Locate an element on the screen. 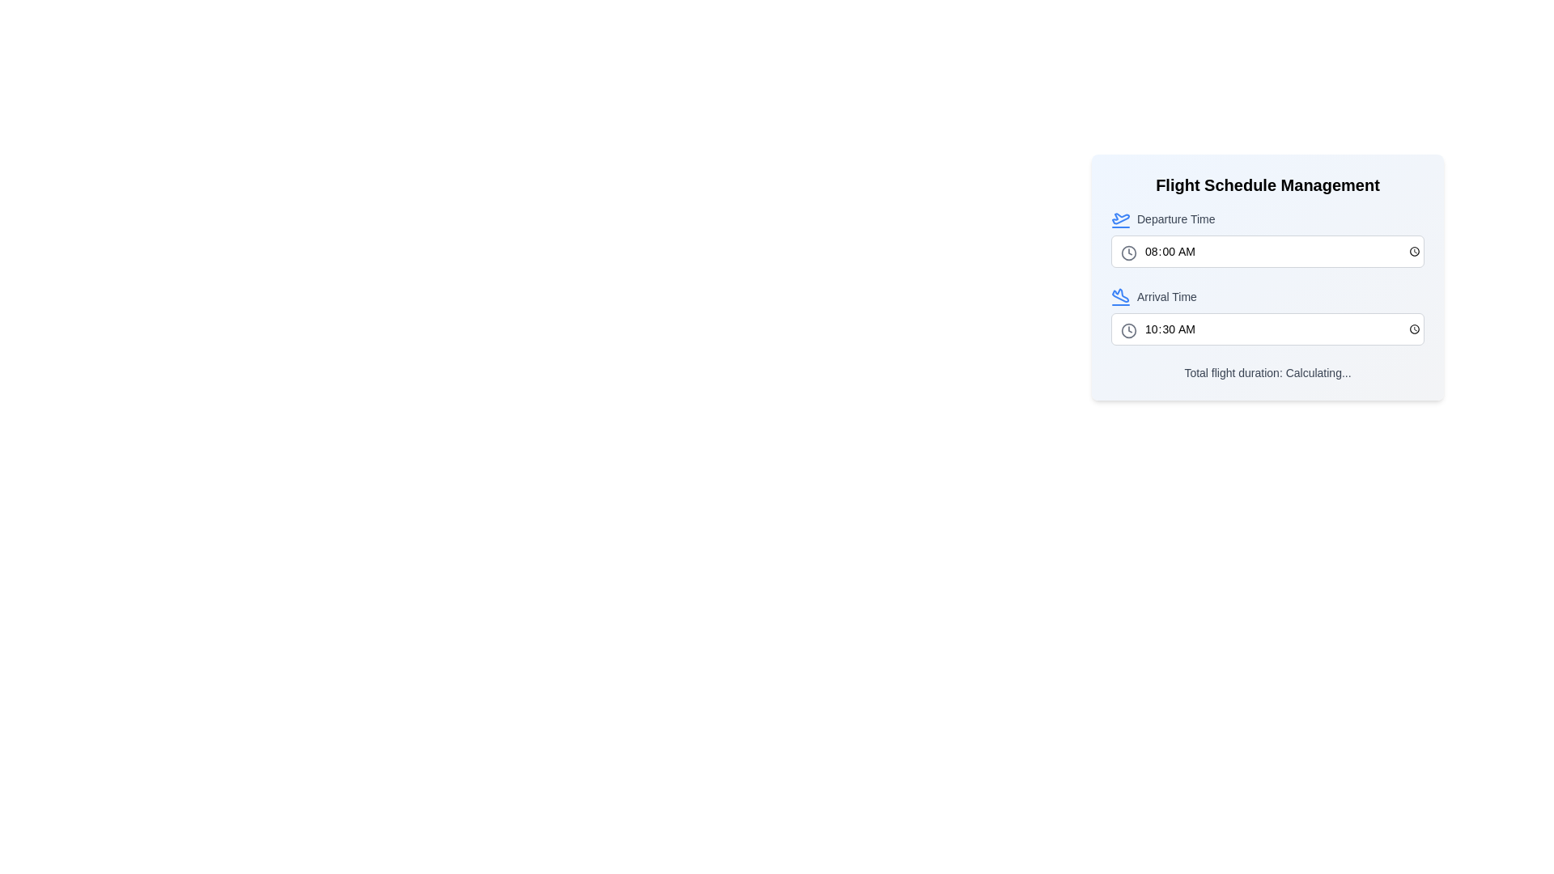 Image resolution: width=1554 pixels, height=874 pixels. the time selection icon located inside the 'Arrival Time' input field in the 'Flight Schedule Management' section is located at coordinates (1128, 329).